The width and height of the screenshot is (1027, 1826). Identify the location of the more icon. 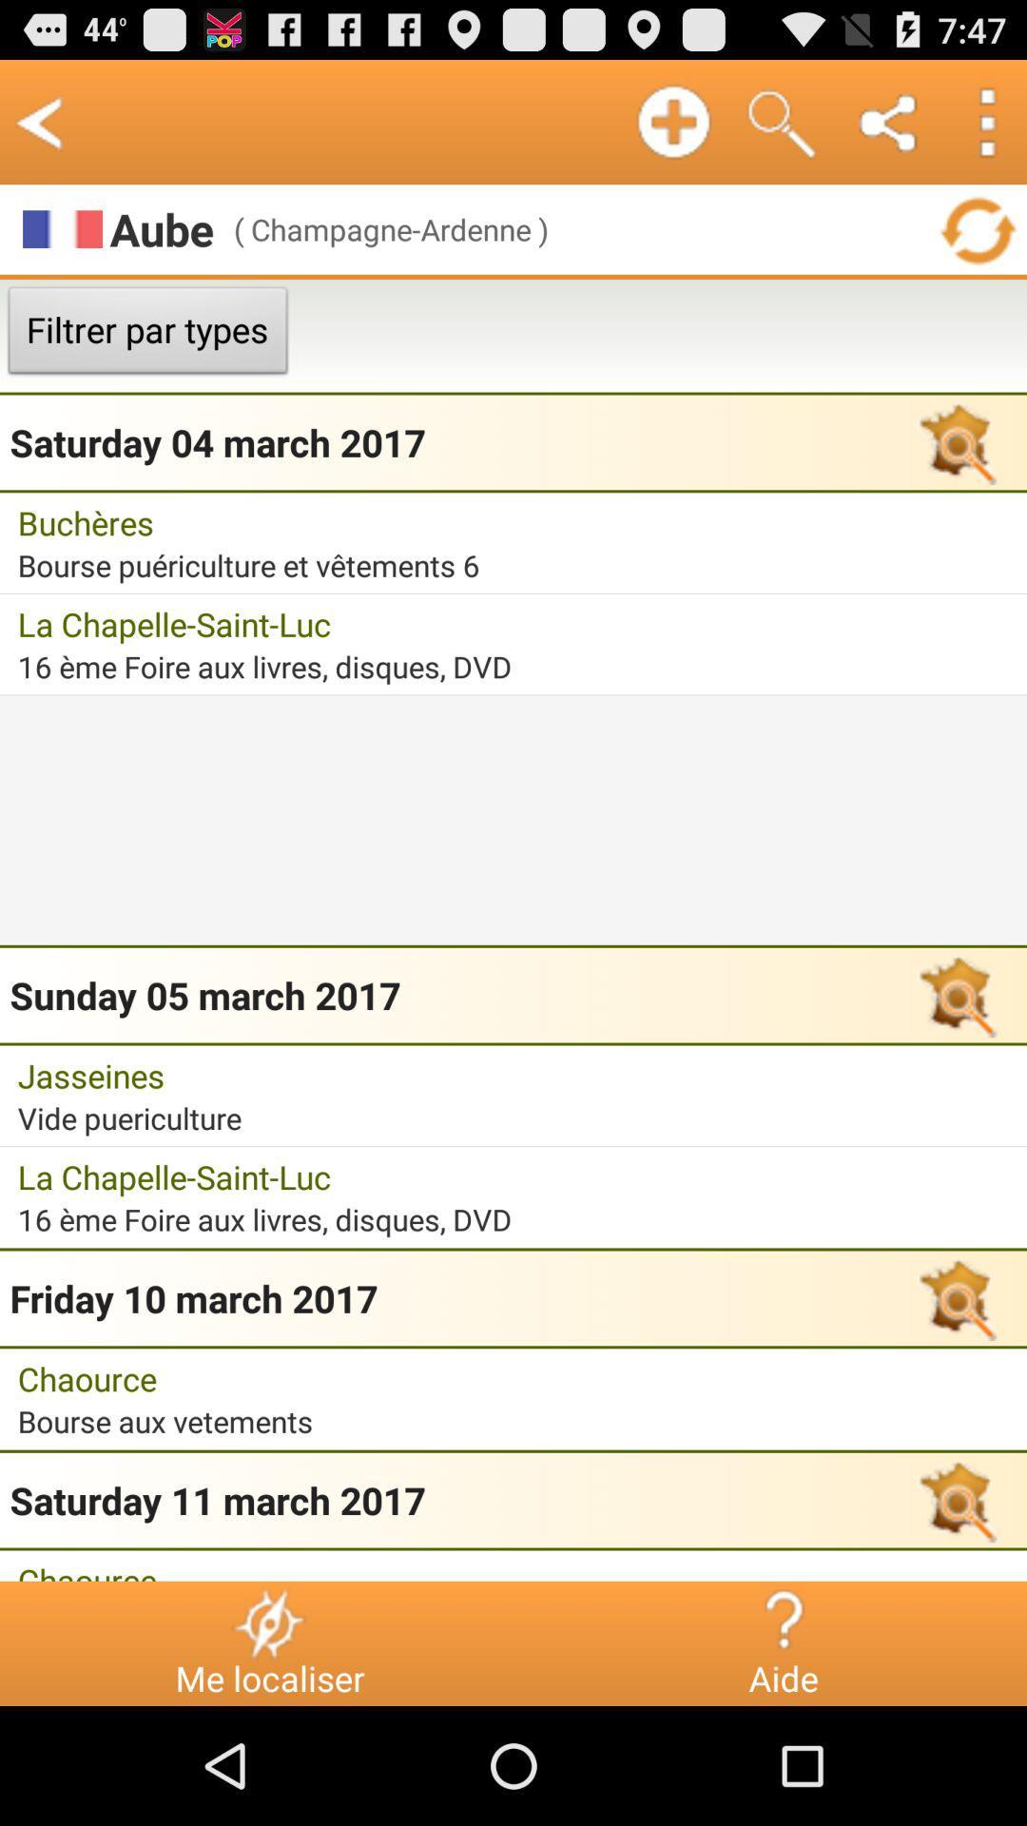
(985, 129).